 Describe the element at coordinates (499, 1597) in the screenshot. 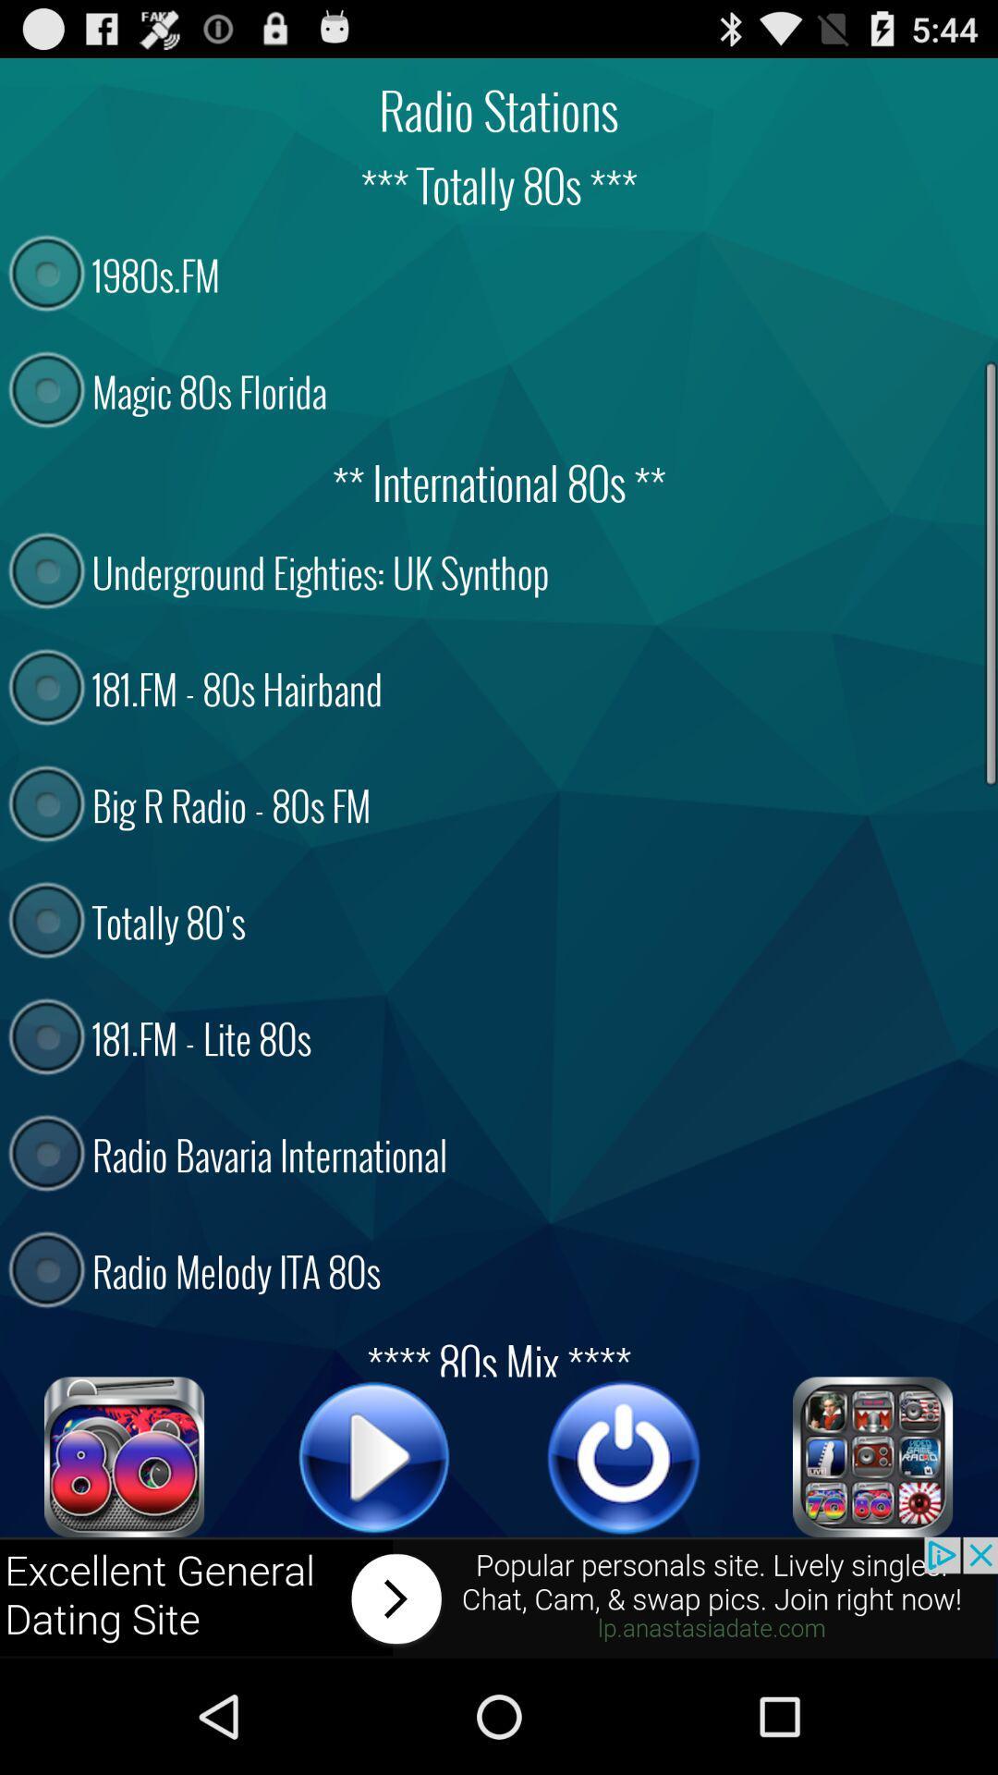

I see `advertisement` at that location.